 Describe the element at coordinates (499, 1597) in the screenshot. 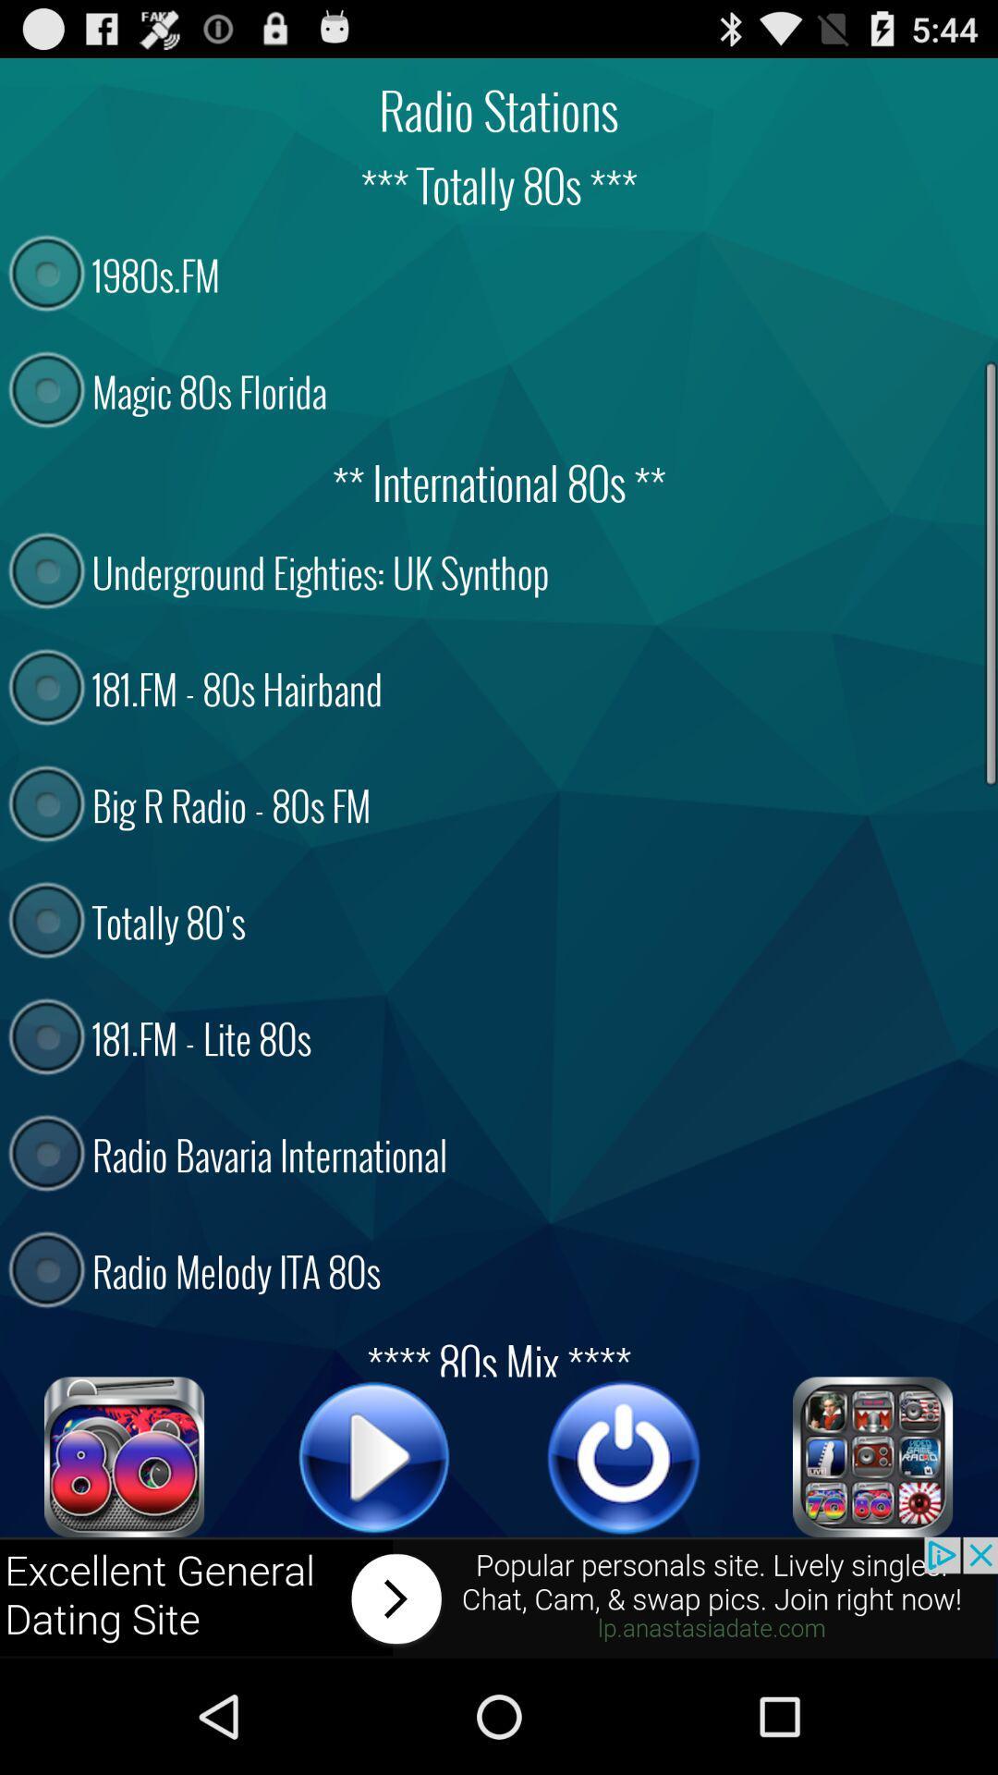

I see `advertisement` at that location.